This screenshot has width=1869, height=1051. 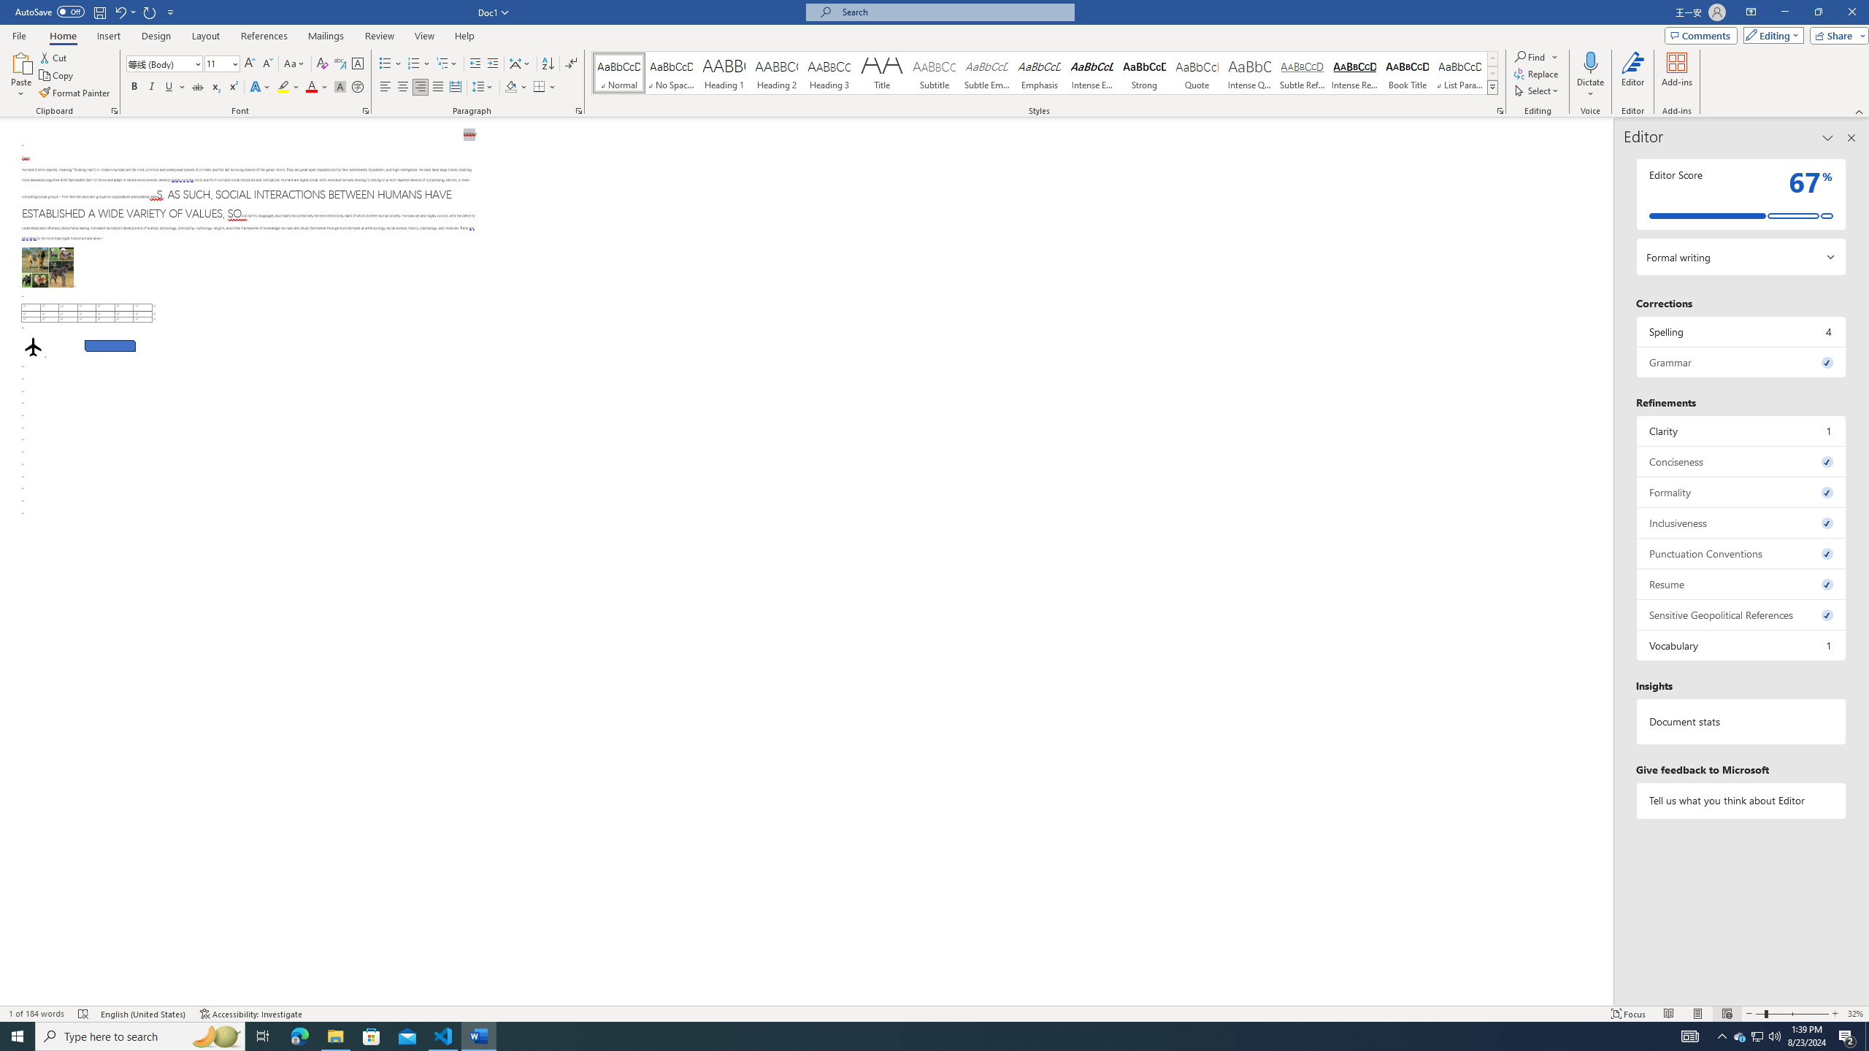 I want to click on 'Tell us what you think about Editor', so click(x=1741, y=800).